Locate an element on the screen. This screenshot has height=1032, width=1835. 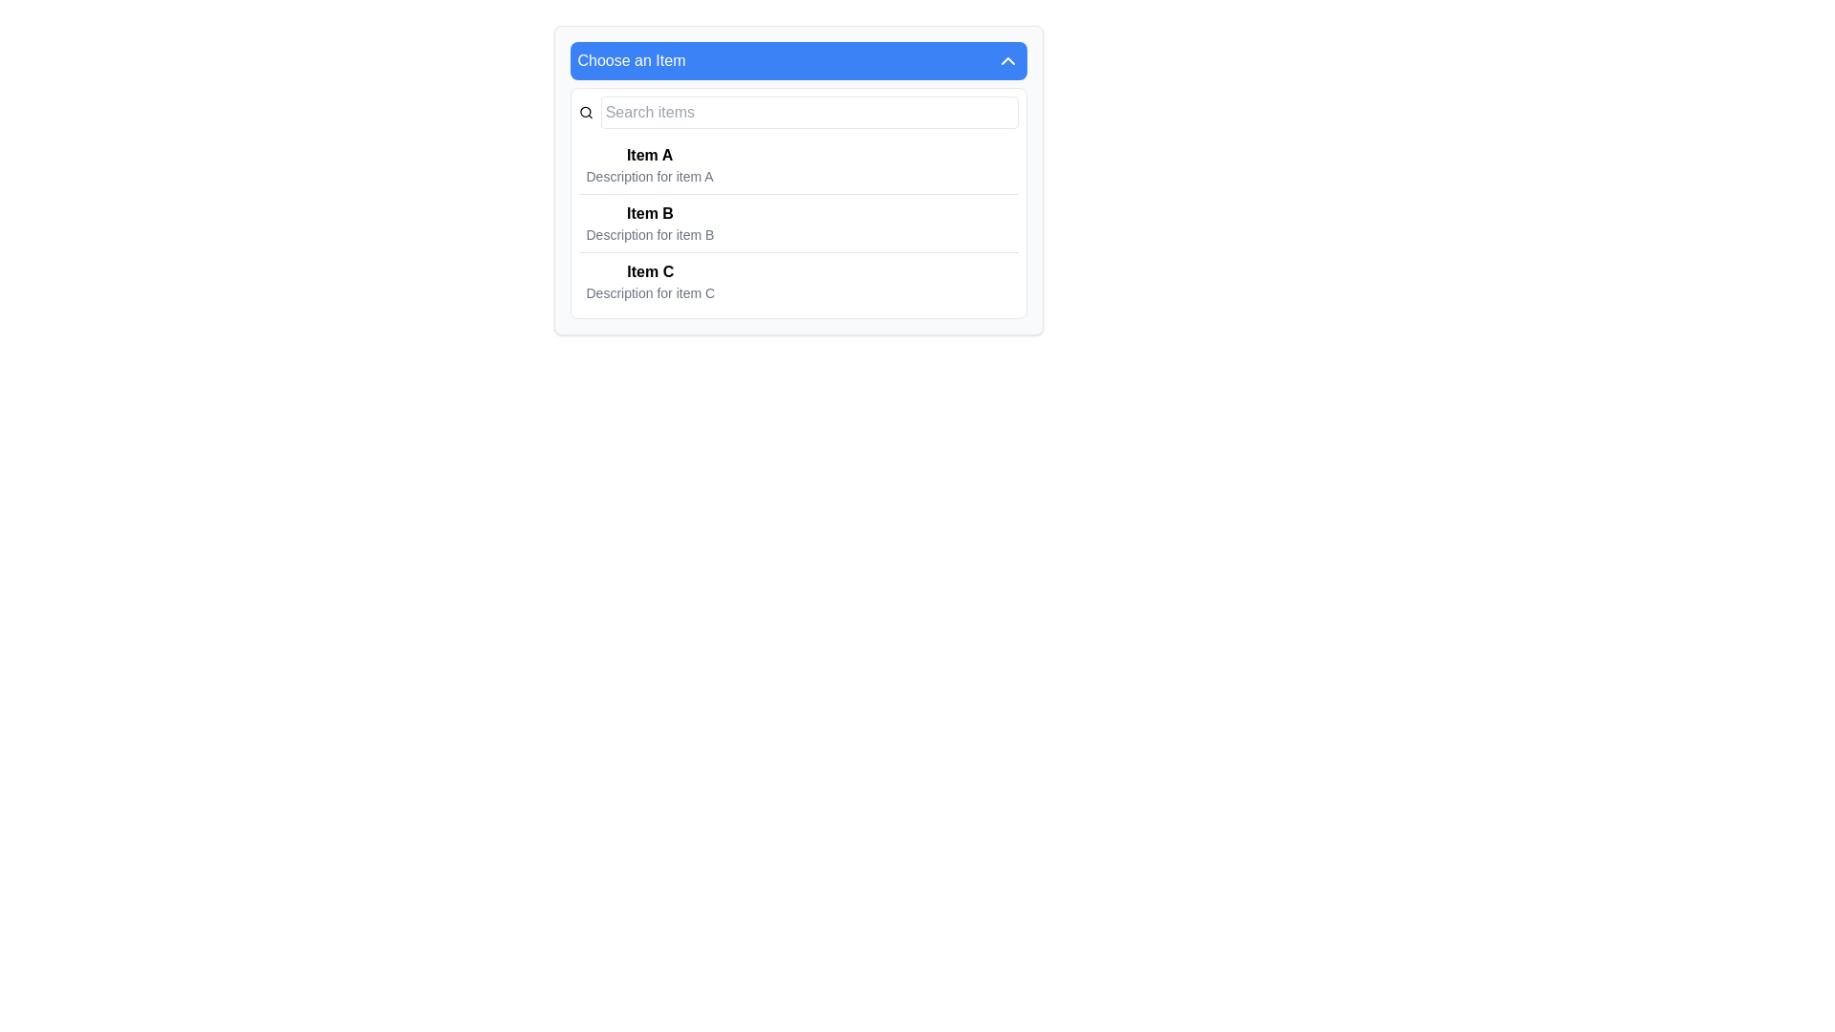
the static text label that provides additional descriptive information about 'Item C' in the dropdown selection menu, located below the header text 'Item C' is located at coordinates (650, 293).